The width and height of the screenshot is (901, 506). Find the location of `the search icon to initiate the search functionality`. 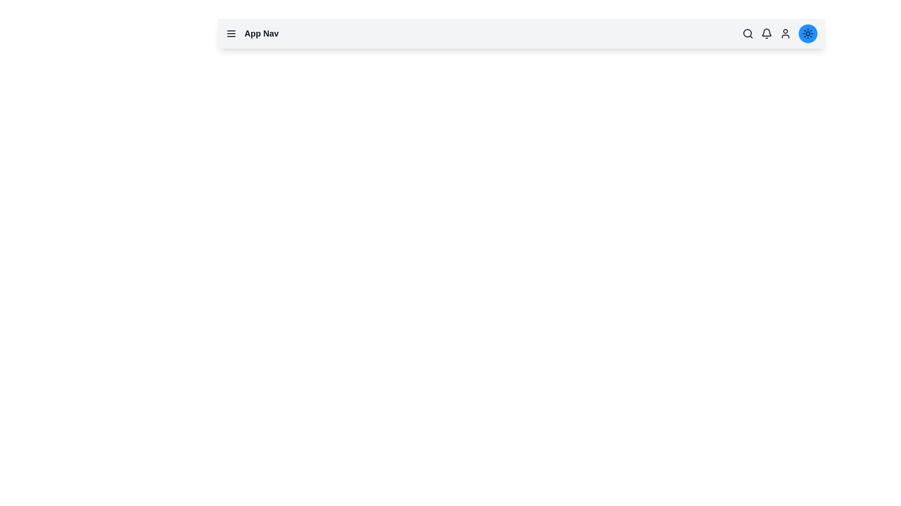

the search icon to initiate the search functionality is located at coordinates (747, 33).